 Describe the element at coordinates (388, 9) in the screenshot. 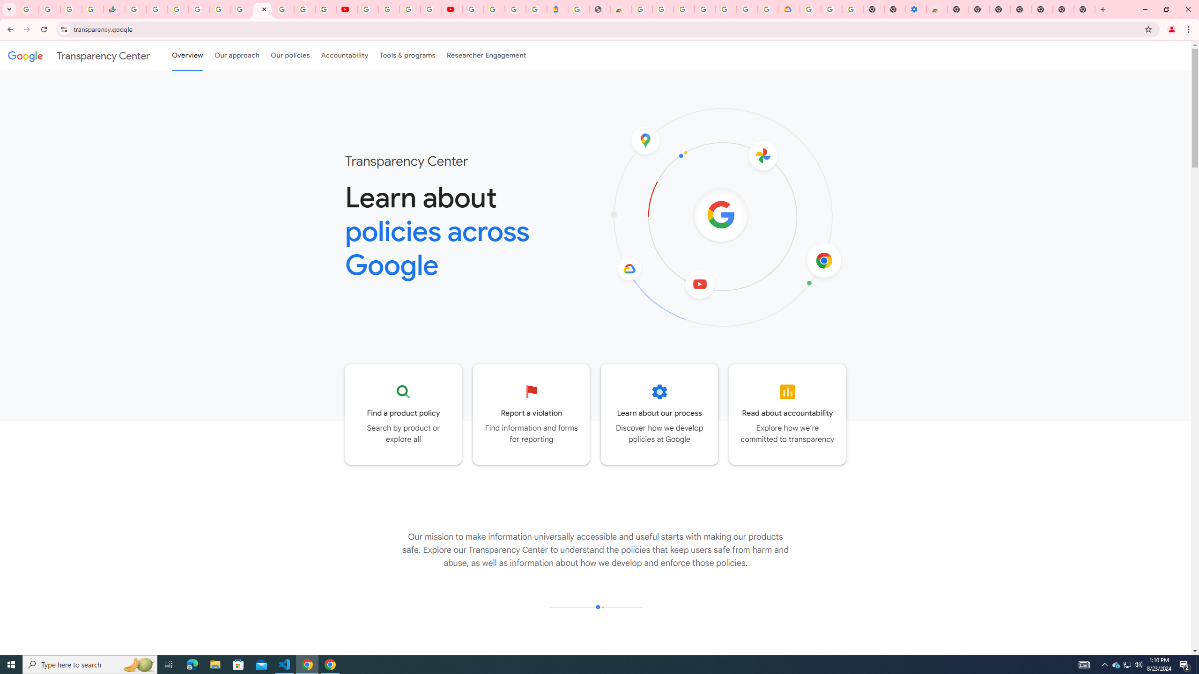

I see `'Google Account Help'` at that location.